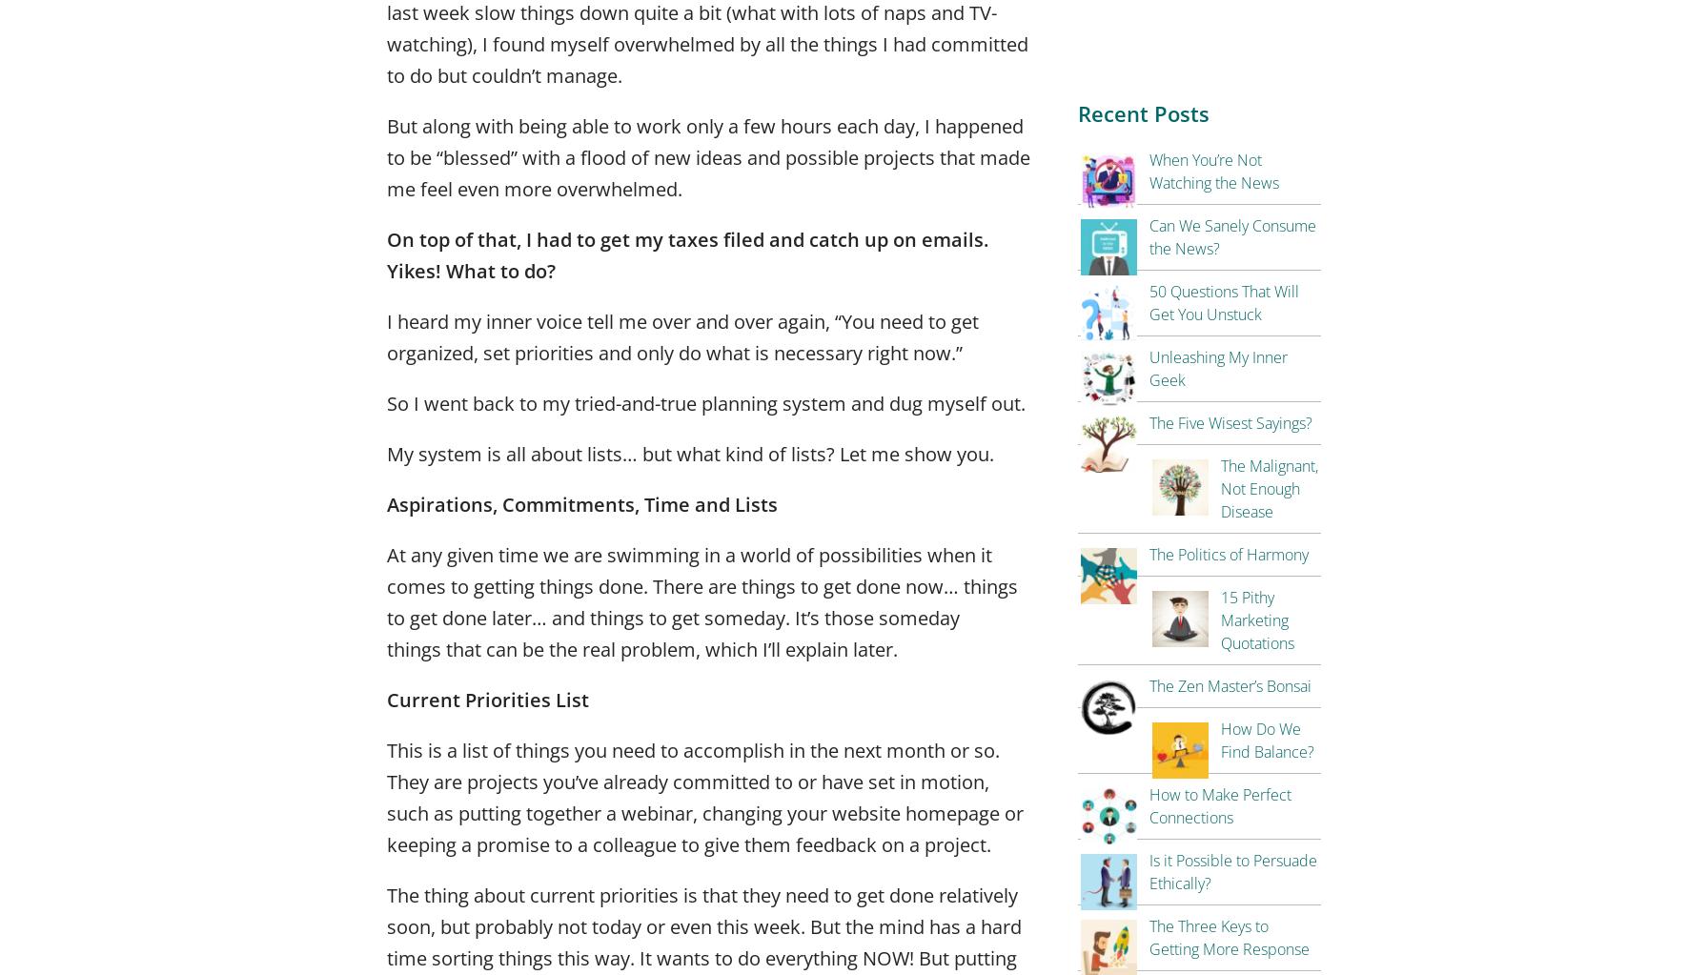 This screenshot has width=1708, height=975. Describe the element at coordinates (1143, 112) in the screenshot. I see `'Recent Posts'` at that location.